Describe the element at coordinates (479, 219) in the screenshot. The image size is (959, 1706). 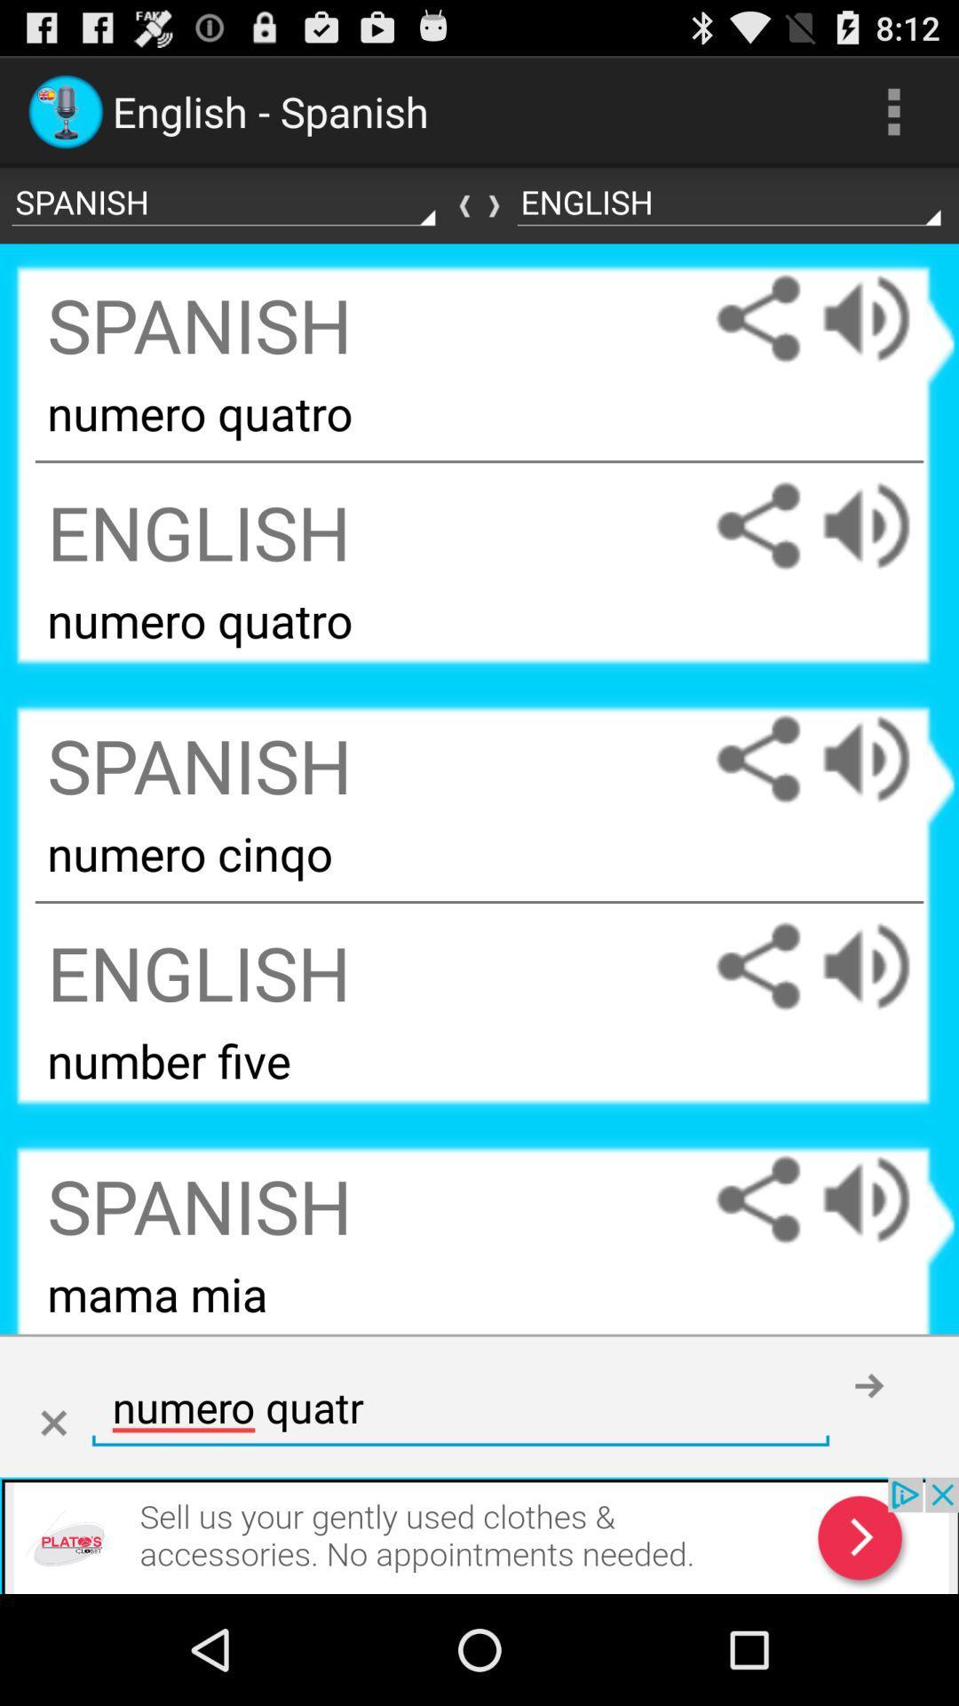
I see `the arrow_forward icon` at that location.